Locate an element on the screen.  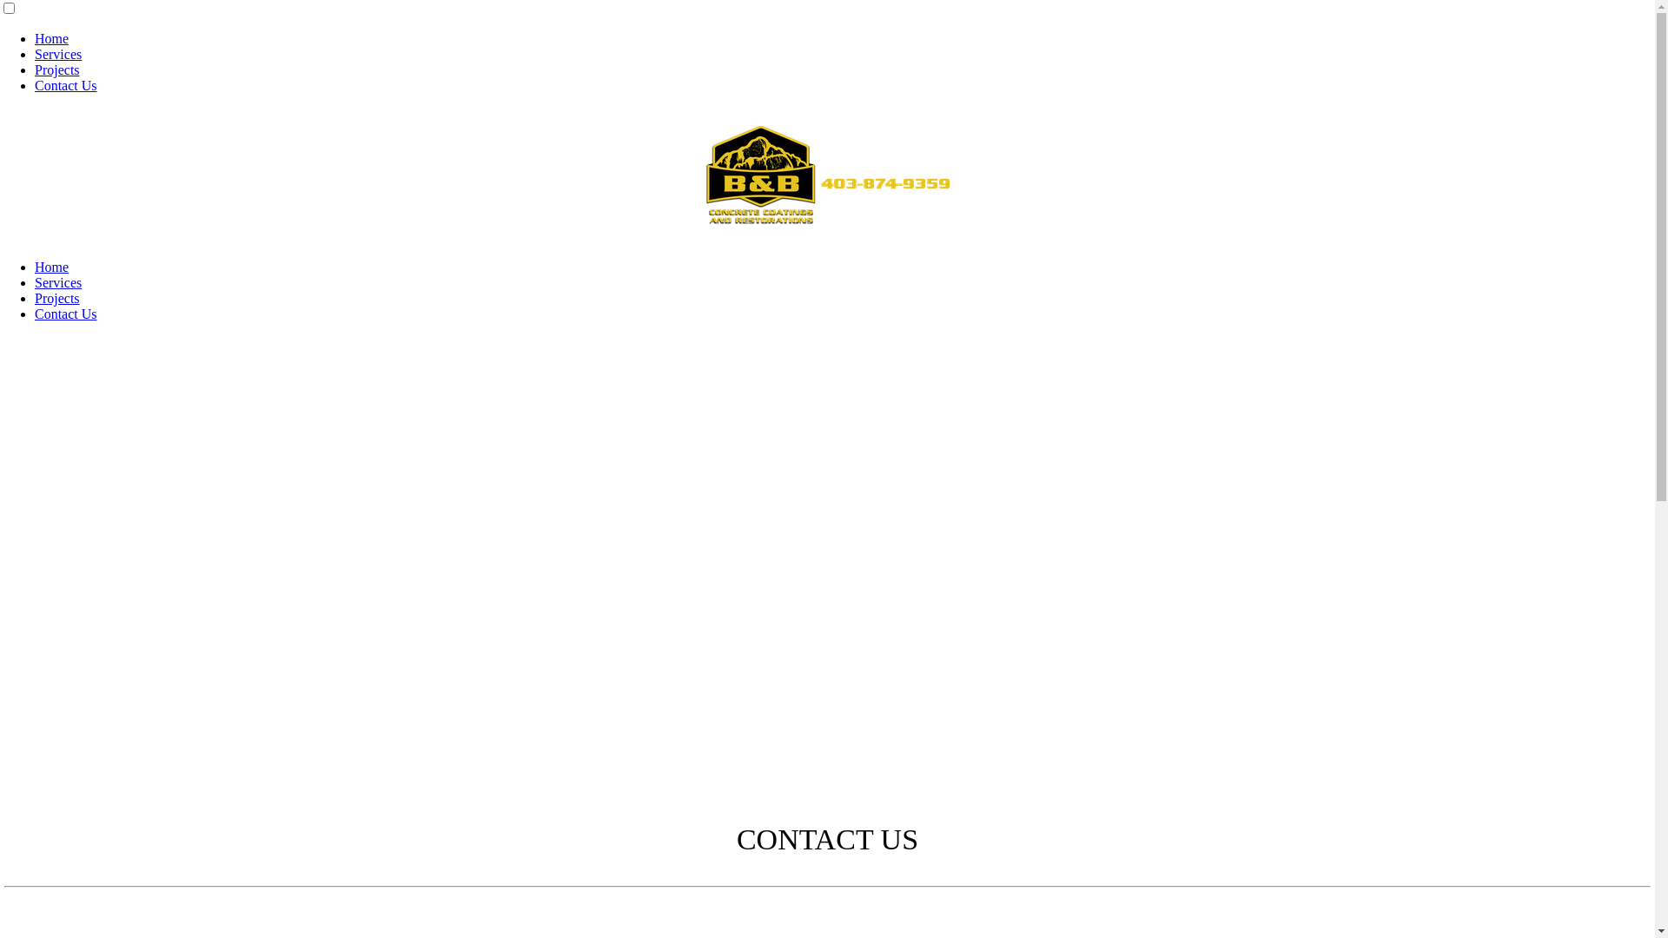
'Projects' is located at coordinates (57, 297).